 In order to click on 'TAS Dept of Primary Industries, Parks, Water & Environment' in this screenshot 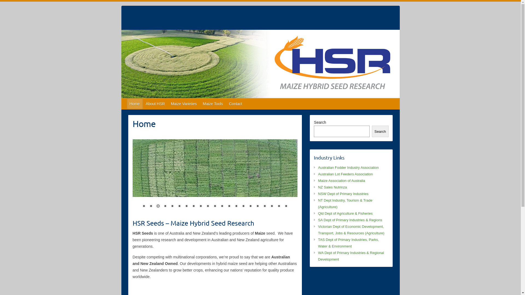, I will do `click(348, 243)`.